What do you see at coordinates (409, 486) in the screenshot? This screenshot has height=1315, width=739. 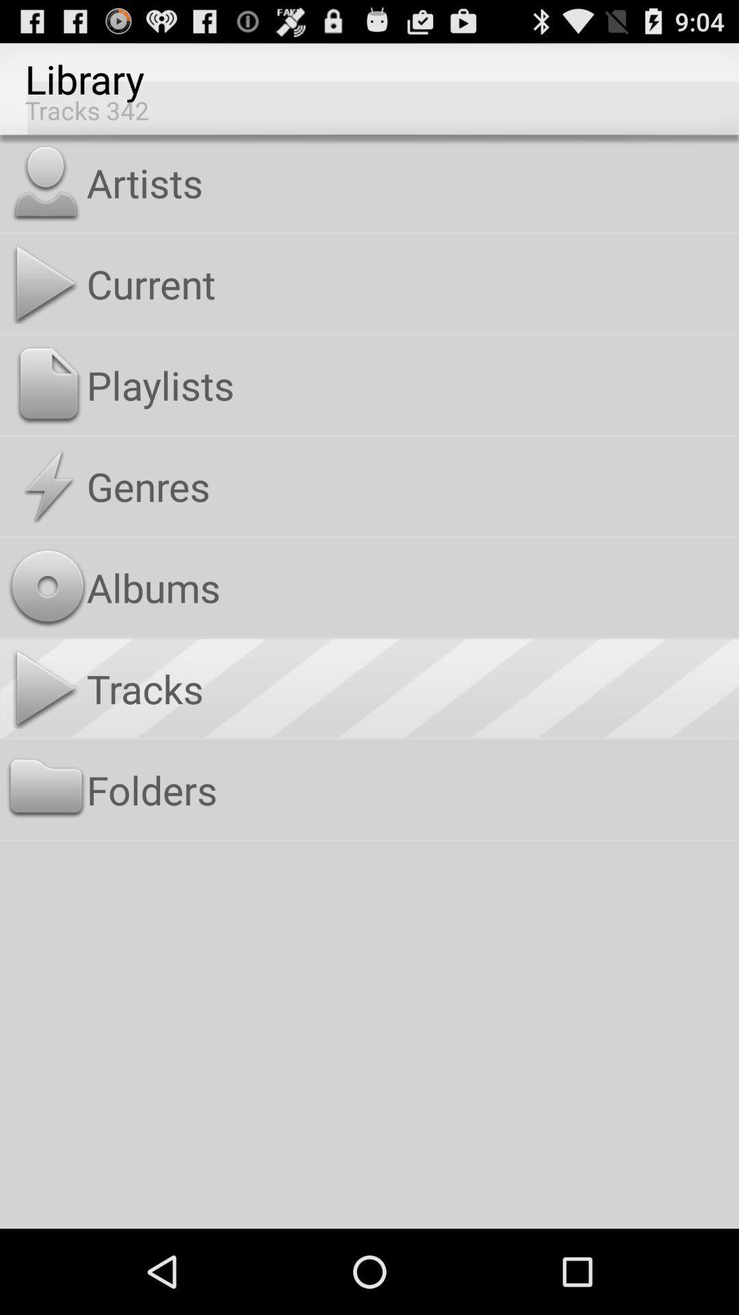 I see `the genres app` at bounding box center [409, 486].